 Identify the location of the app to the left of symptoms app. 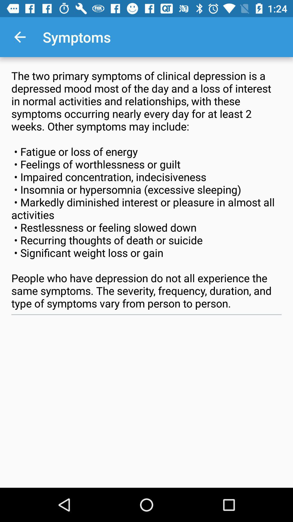
(20, 37).